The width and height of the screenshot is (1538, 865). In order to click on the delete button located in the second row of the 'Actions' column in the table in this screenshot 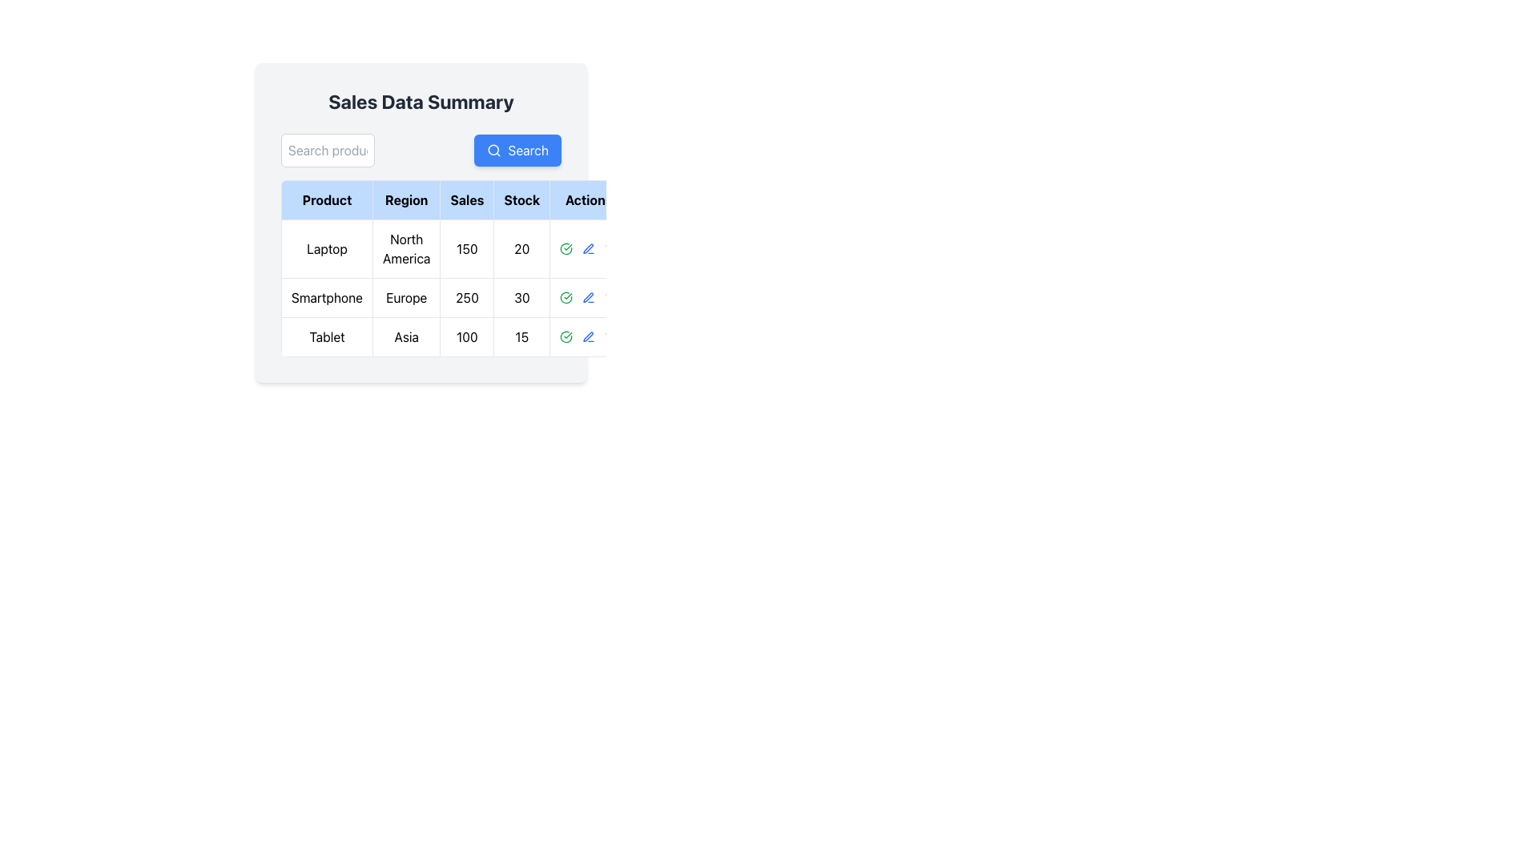, I will do `click(610, 297)`.